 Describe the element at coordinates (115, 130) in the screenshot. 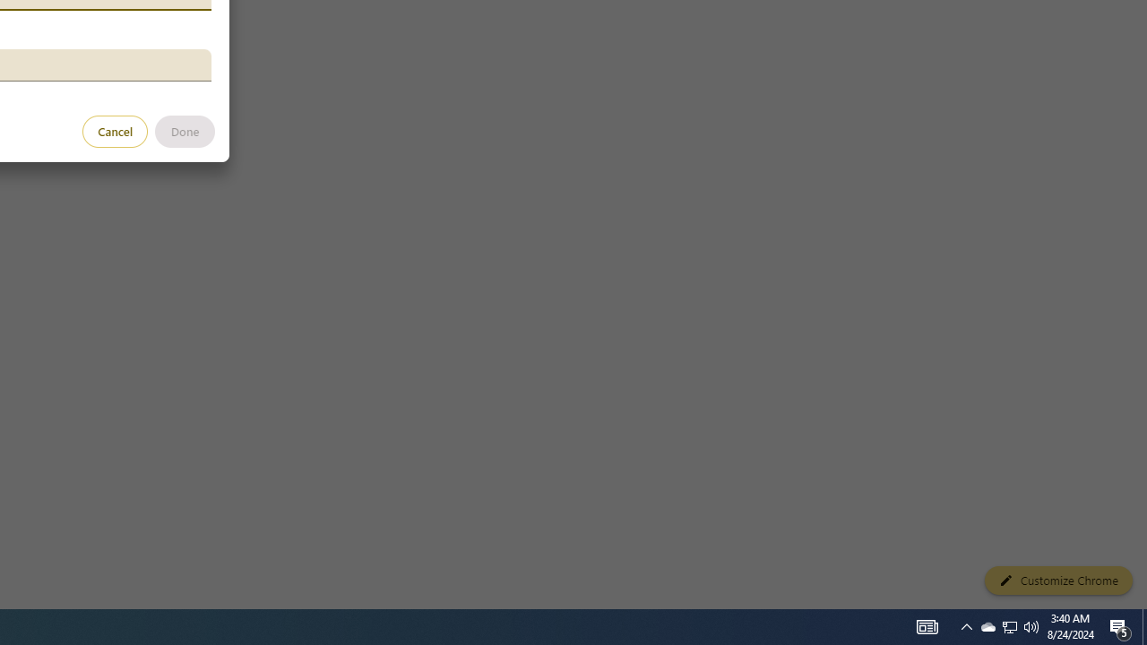

I see `'Cancel'` at that location.